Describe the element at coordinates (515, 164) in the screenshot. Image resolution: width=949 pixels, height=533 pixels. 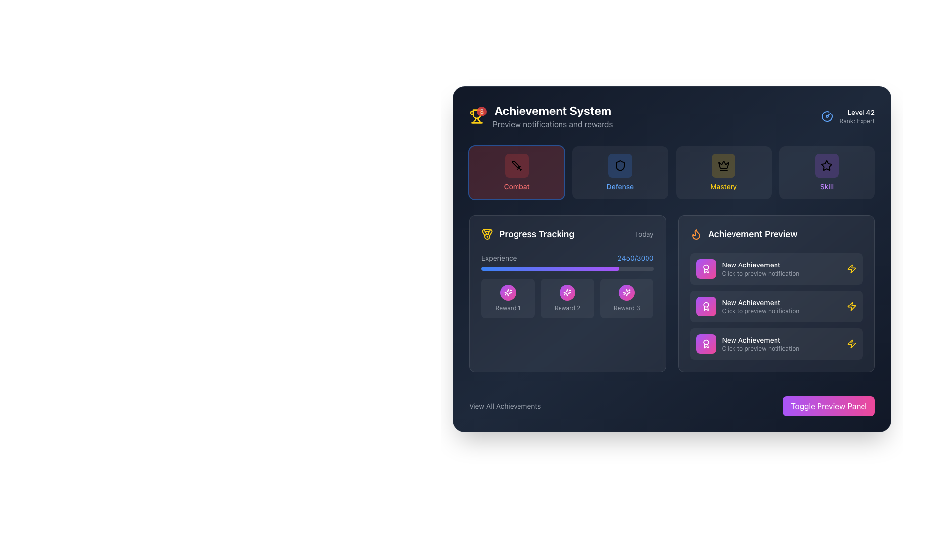
I see `the small graphical representation resembling a part of a sword icon, which is part of the 'Combat' feature in the interface` at that location.